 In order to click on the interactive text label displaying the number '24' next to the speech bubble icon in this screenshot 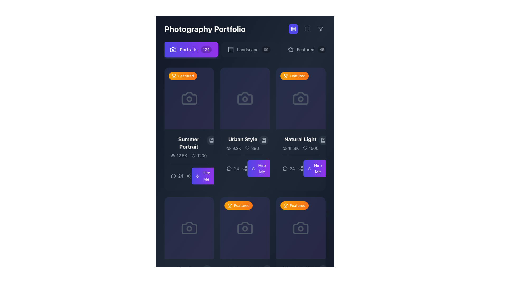, I will do `click(232, 169)`.